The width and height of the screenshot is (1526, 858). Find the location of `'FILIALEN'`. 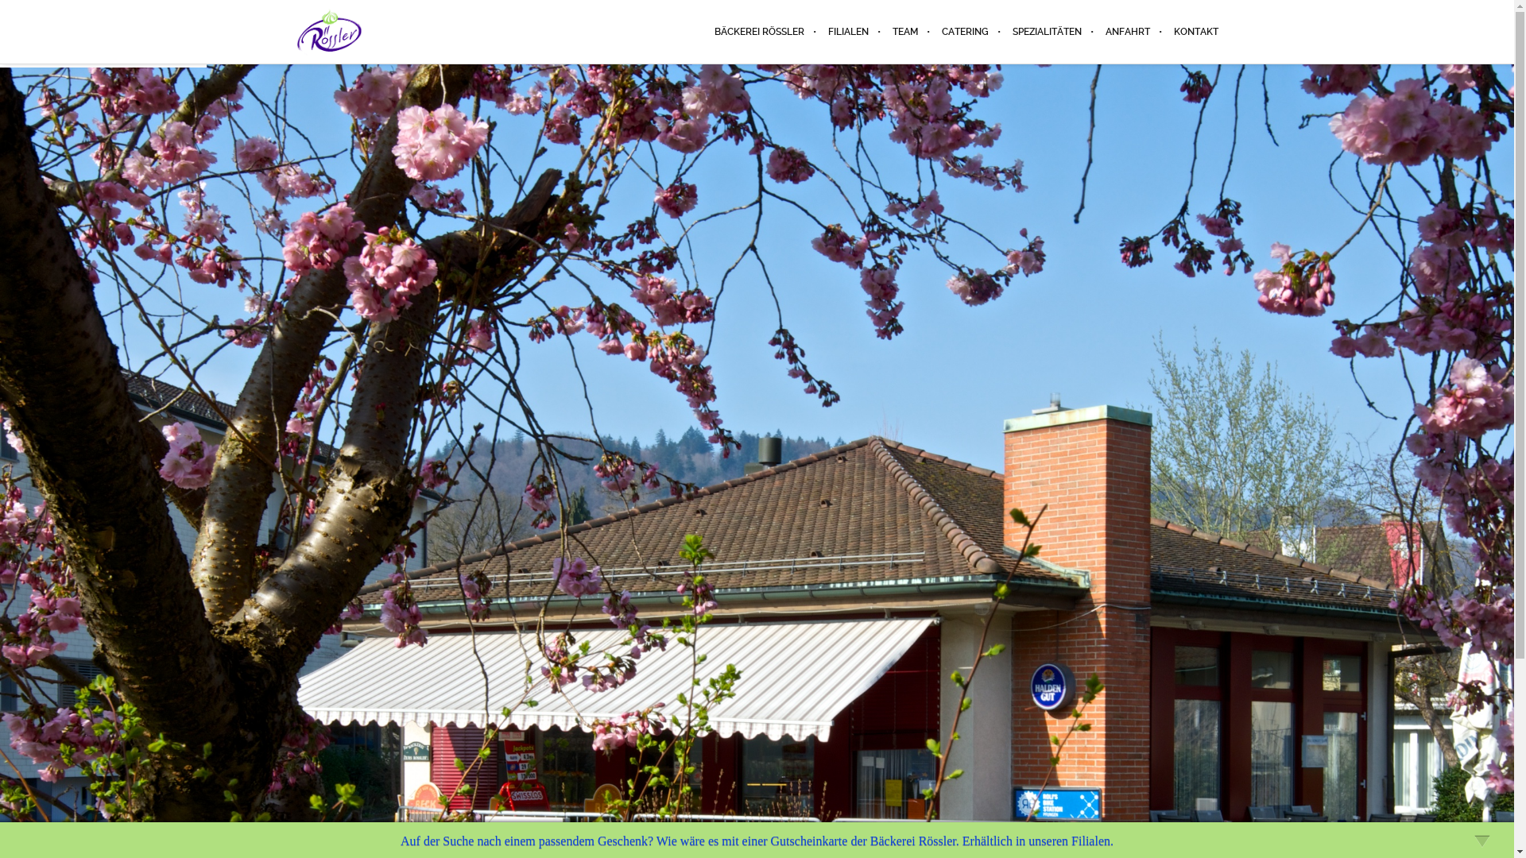

'FILIALEN' is located at coordinates (846, 31).